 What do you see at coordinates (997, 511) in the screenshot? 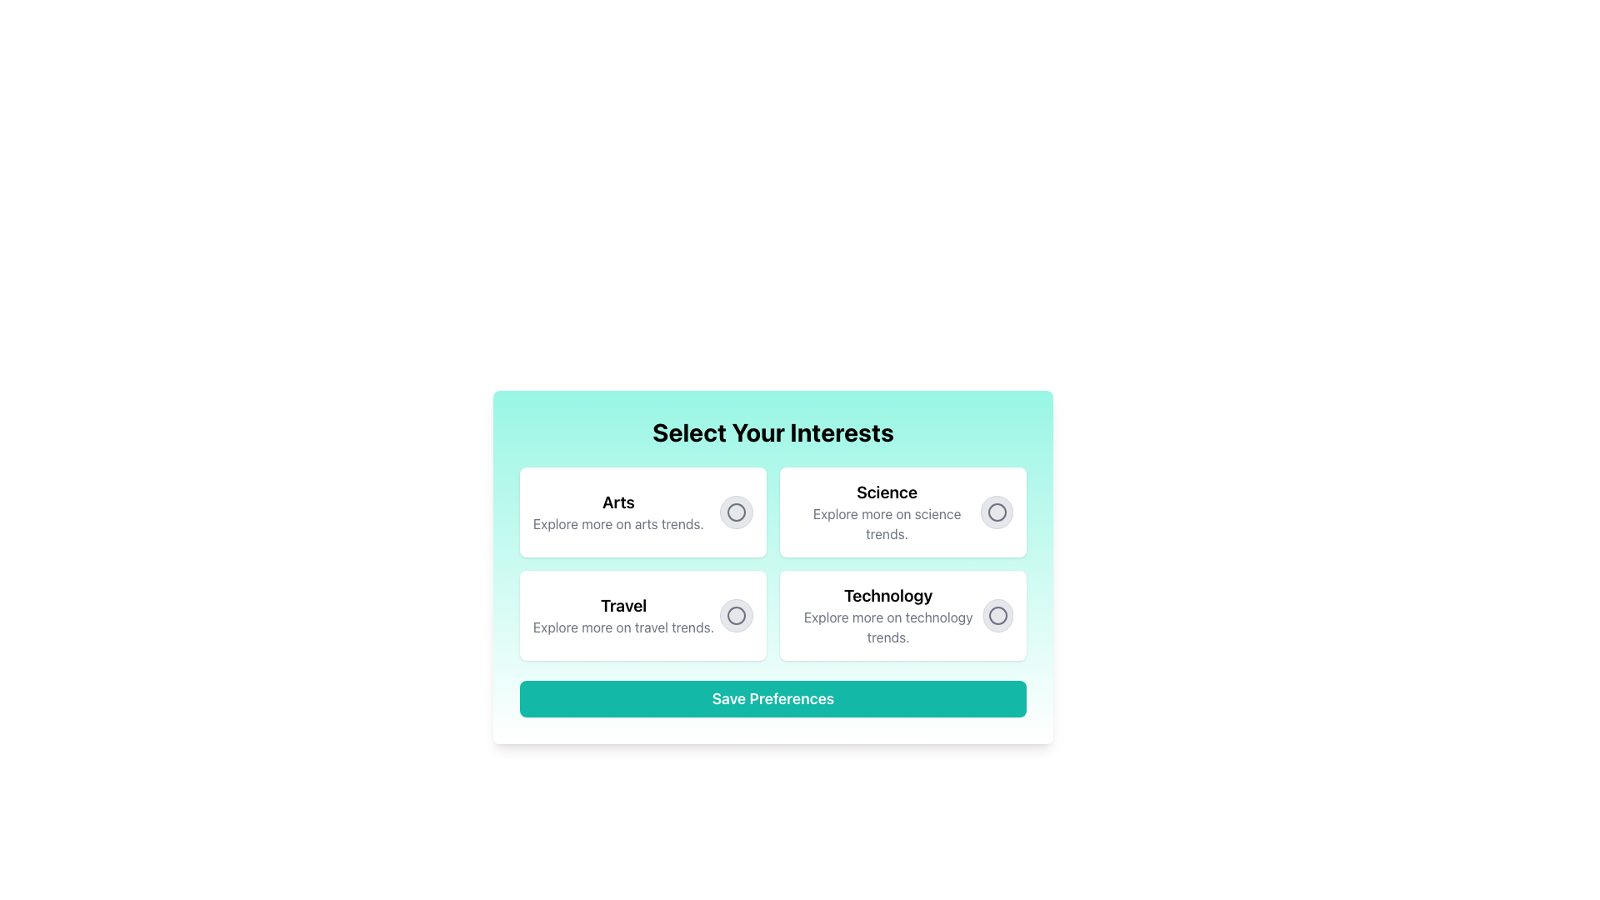
I see `the circular radio button within the 'Science' interest selection` at bounding box center [997, 511].